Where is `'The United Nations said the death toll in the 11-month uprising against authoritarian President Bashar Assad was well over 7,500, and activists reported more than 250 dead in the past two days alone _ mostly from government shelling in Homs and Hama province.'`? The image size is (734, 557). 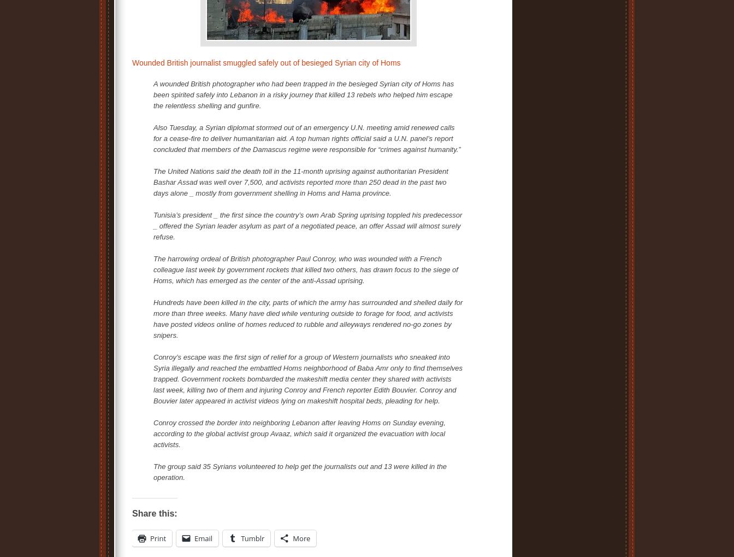
'The United Nations said the death toll in the 11-month uprising against authoritarian President Bashar Assad was well over 7,500, and activists reported more than 250 dead in the past two days alone _ mostly from government shelling in Homs and Hama province.' is located at coordinates (153, 182).